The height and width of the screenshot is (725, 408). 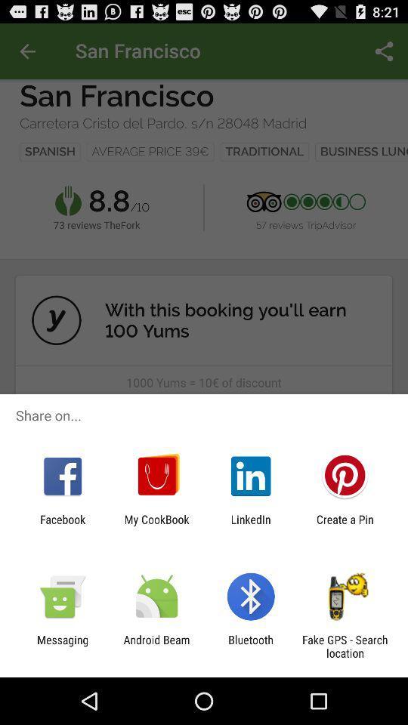 I want to click on the item to the right of the linkedin item, so click(x=345, y=526).